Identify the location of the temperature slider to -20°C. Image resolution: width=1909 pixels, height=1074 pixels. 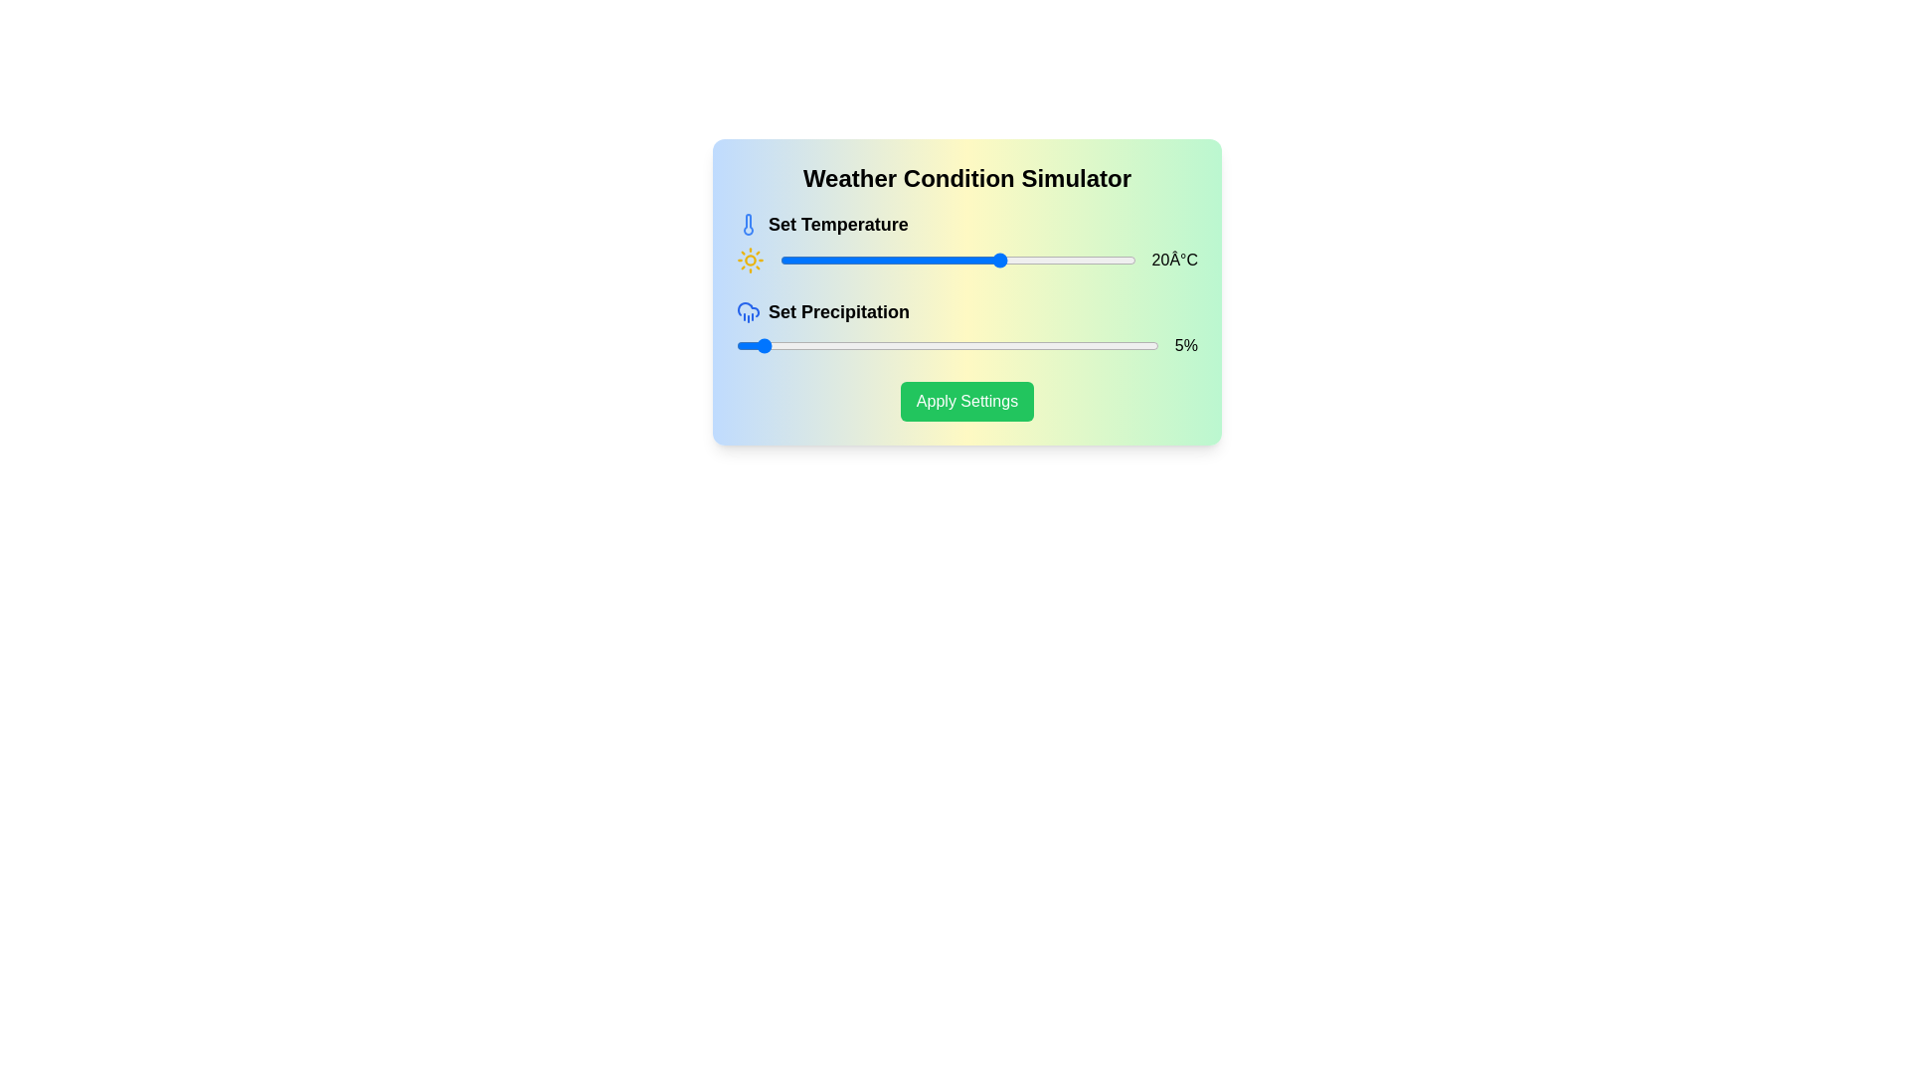
(824, 260).